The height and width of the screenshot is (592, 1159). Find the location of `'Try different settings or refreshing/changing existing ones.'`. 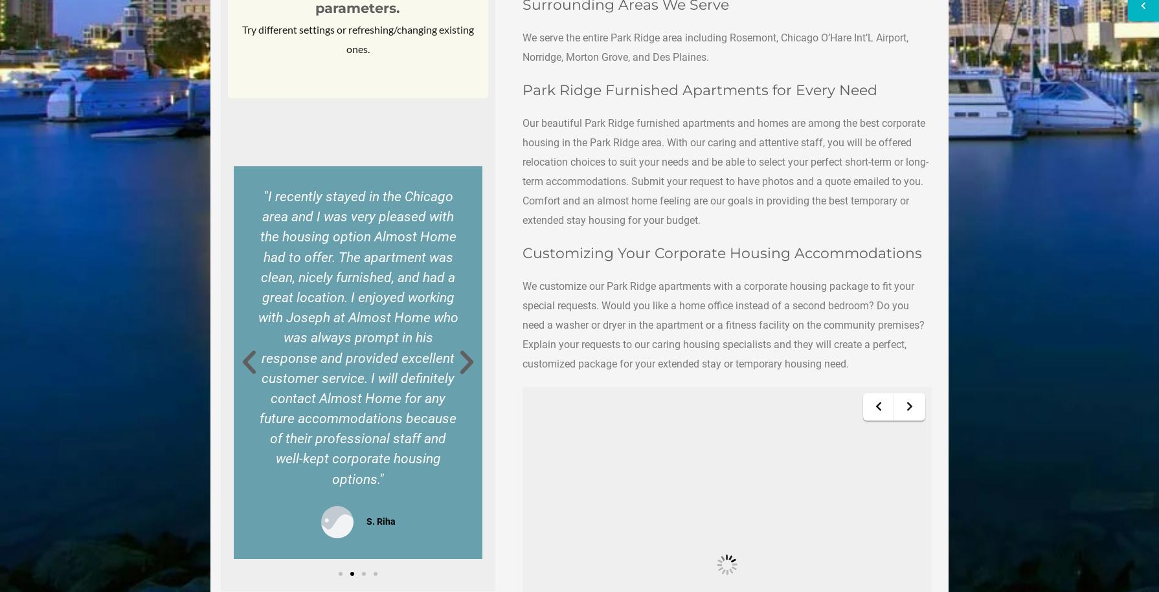

'Try different settings or refreshing/changing existing ones.' is located at coordinates (357, 38).